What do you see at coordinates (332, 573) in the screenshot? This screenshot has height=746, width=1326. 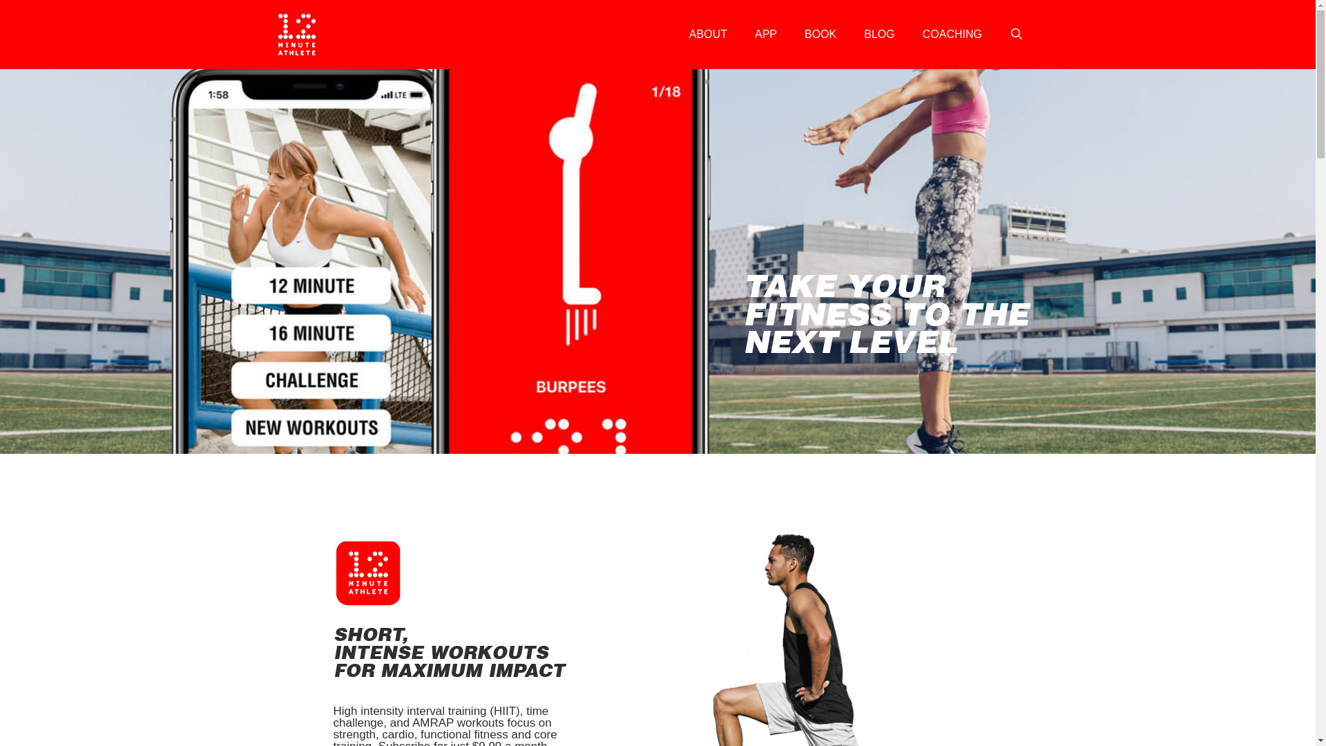 I see `'6'` at bounding box center [332, 573].